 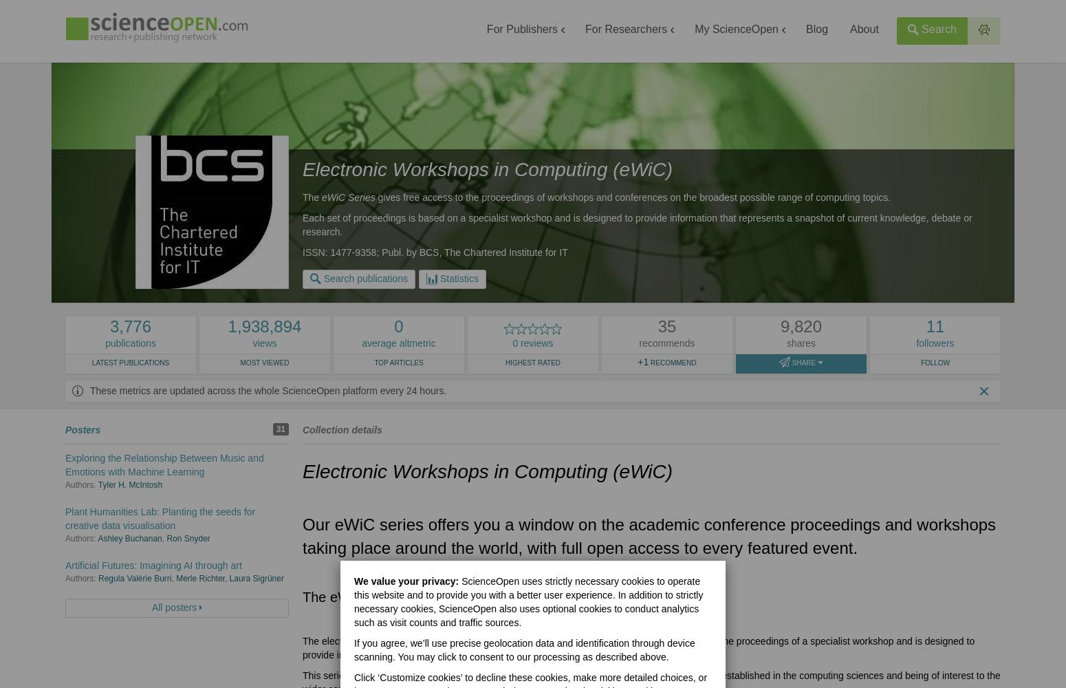 What do you see at coordinates (199, 578) in the screenshot?
I see `'Merle Richter'` at bounding box center [199, 578].